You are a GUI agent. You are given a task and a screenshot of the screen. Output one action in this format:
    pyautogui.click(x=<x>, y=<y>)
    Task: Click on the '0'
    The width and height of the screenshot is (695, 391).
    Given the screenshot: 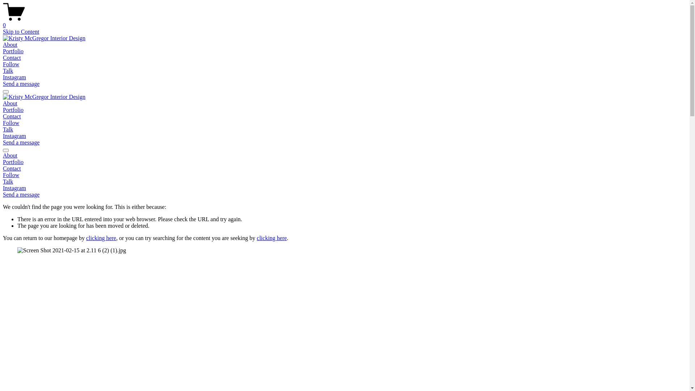 What is the action you would take?
    pyautogui.click(x=344, y=22)
    